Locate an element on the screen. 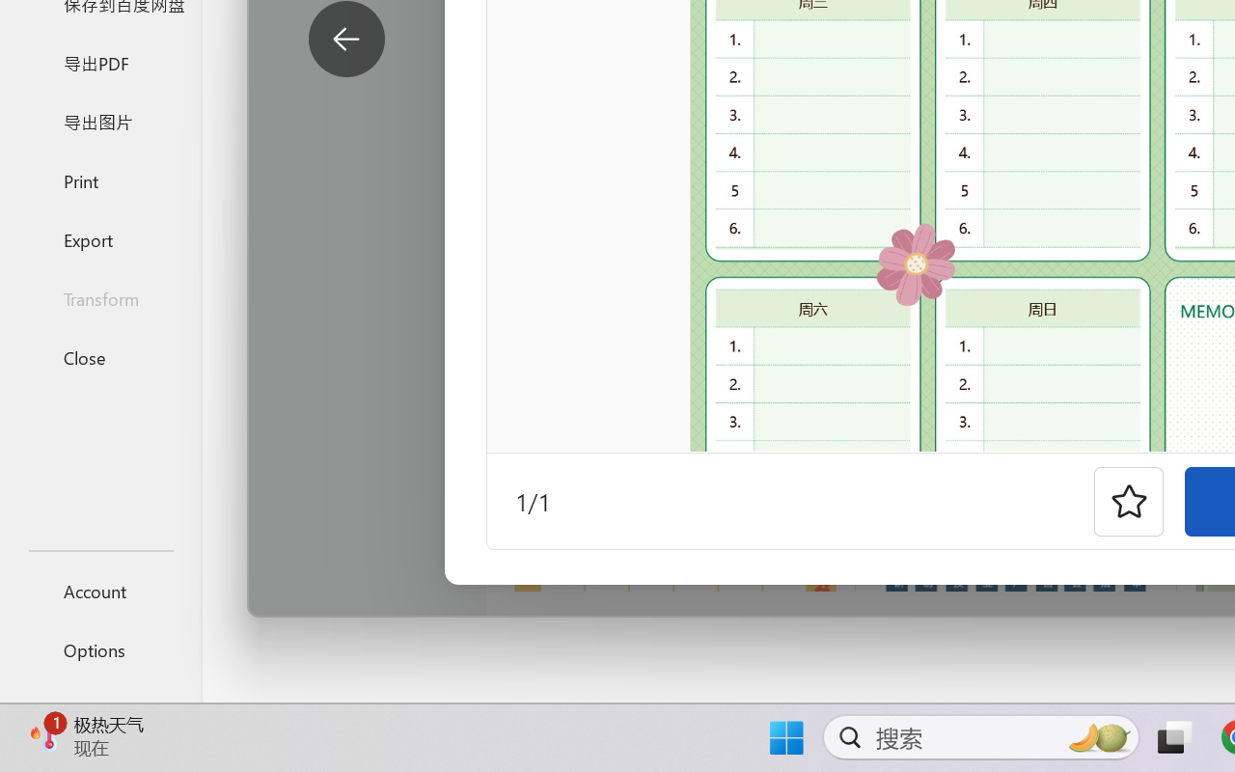  'Transform' is located at coordinates (99, 297).